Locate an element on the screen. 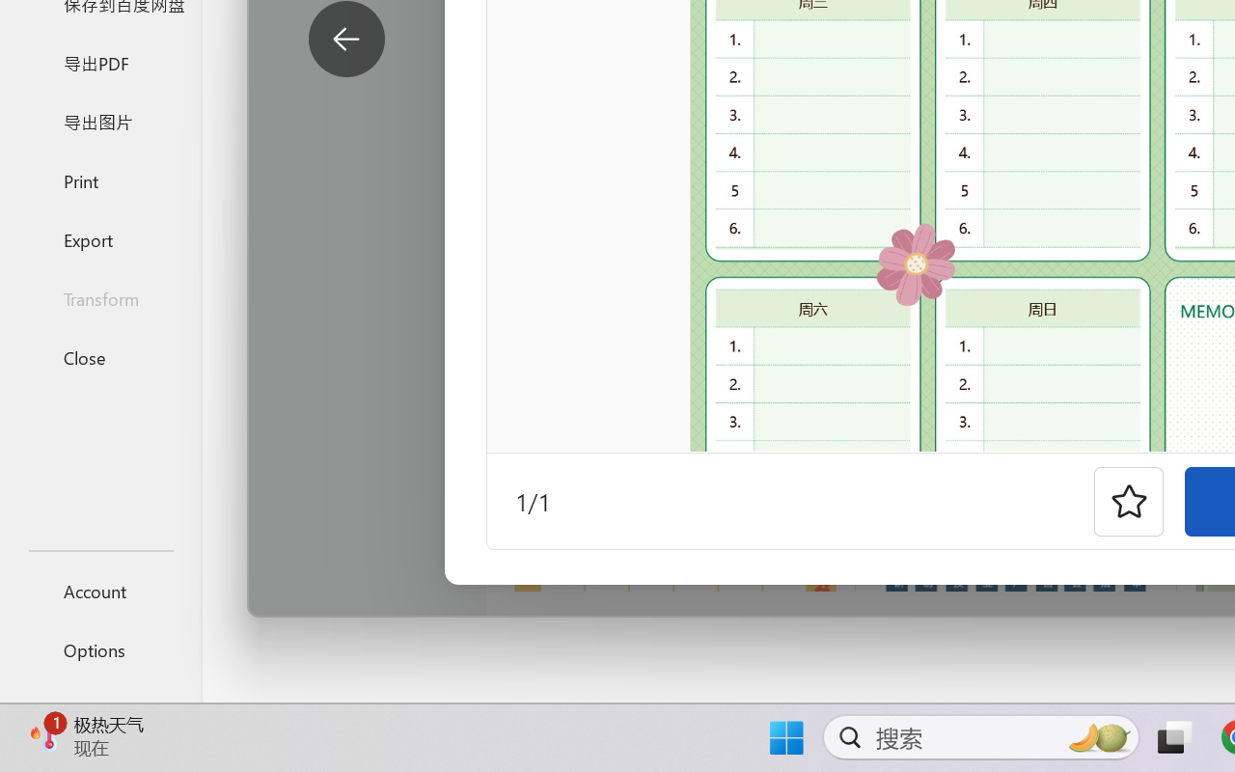  'Transform' is located at coordinates (99, 297).